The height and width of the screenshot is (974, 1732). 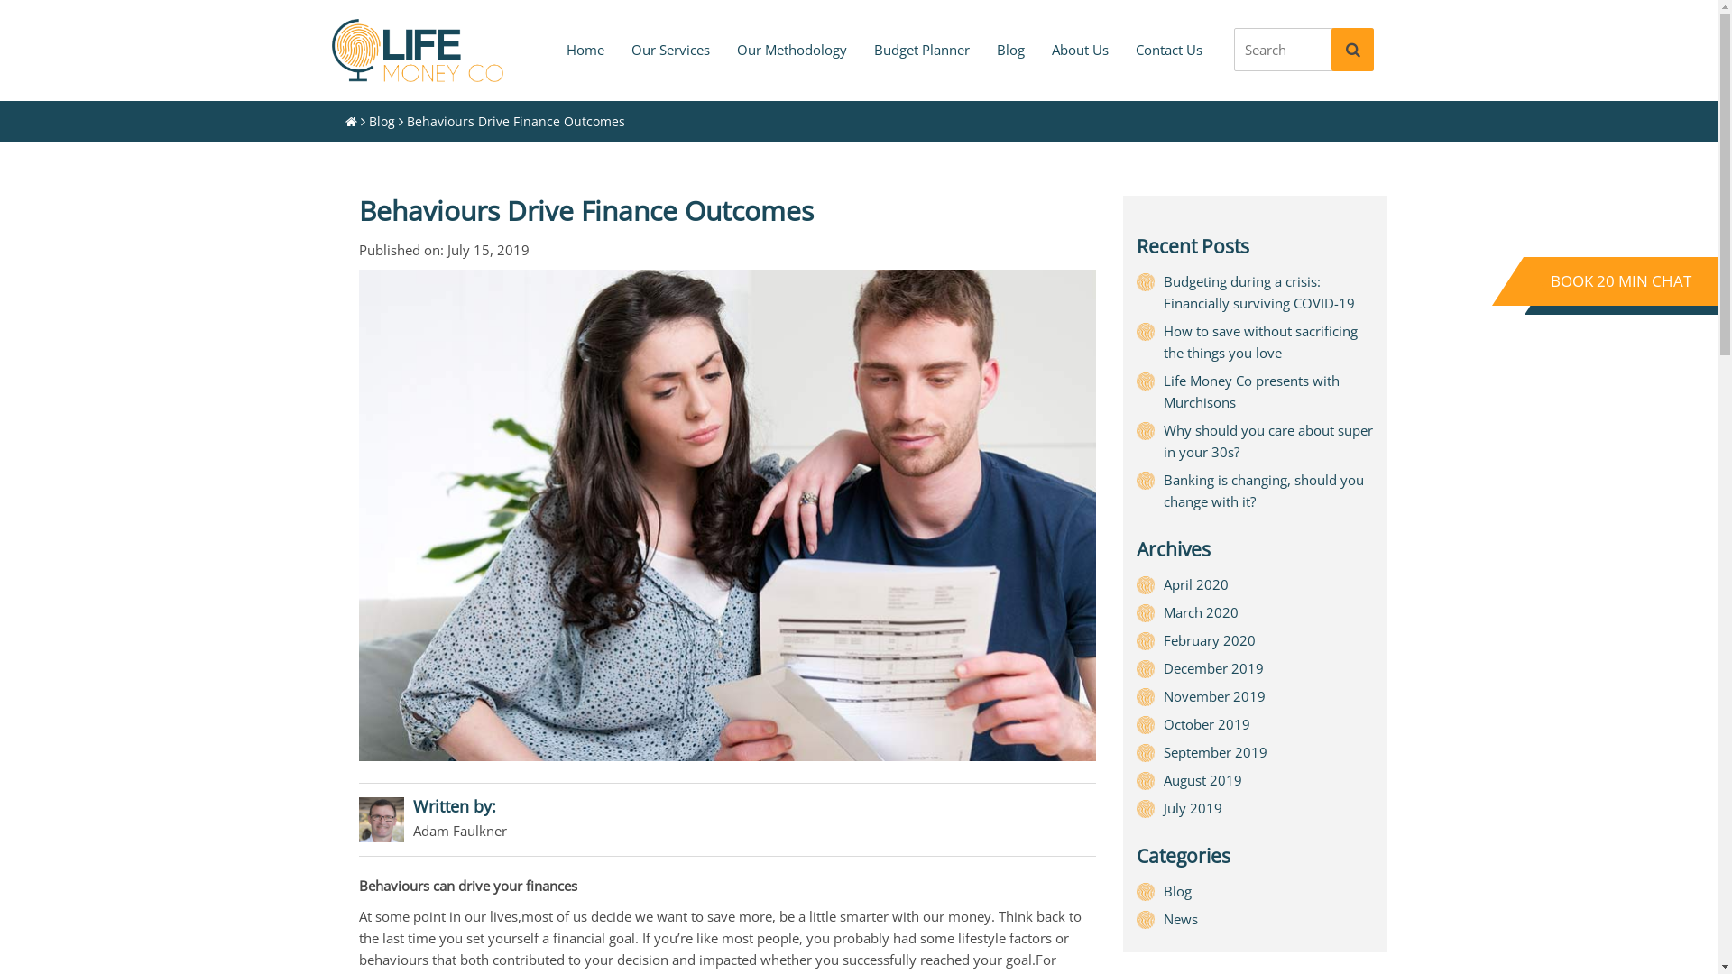 I want to click on 'March 2020', so click(x=1164, y=611).